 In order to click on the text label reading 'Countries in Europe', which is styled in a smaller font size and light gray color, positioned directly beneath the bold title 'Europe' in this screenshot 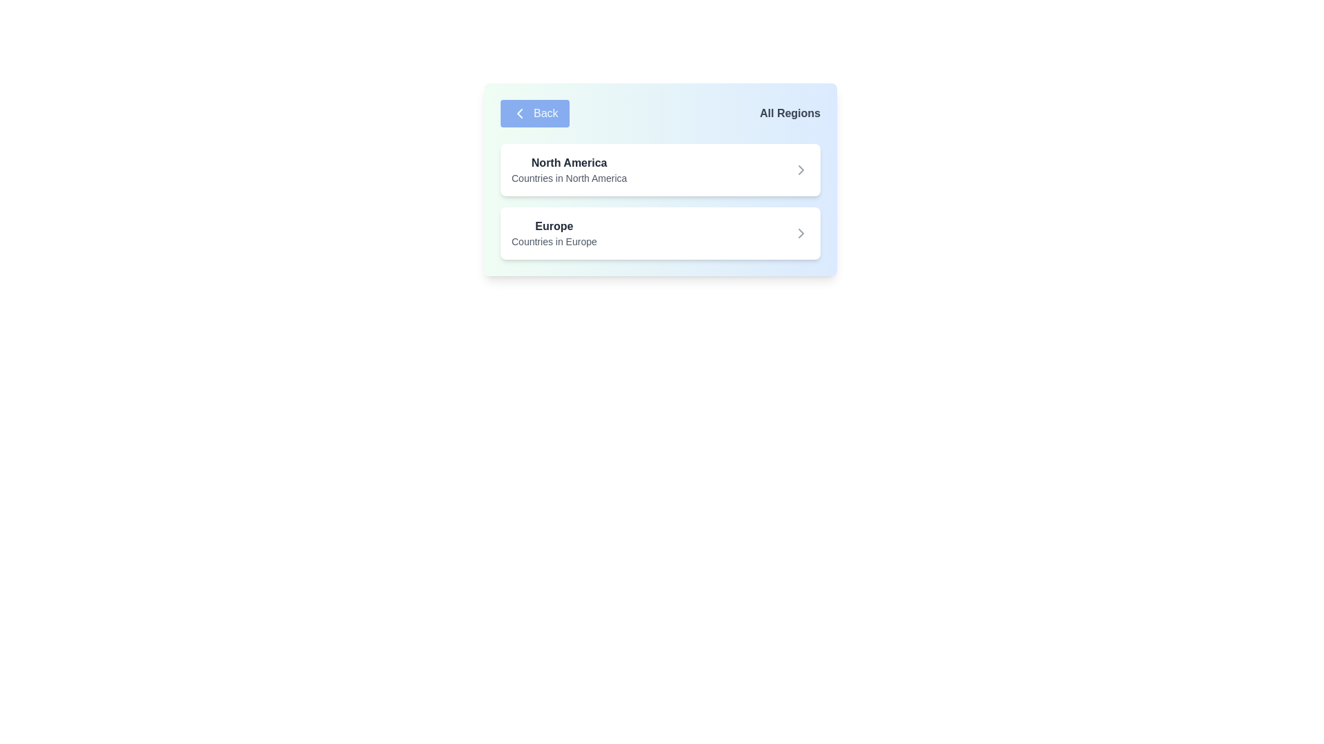, I will do `click(554, 241)`.